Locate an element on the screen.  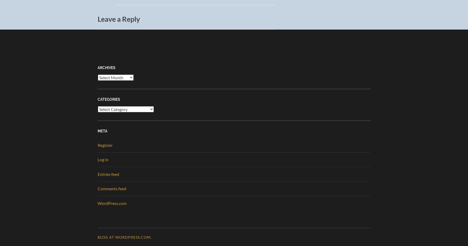
'Meta' is located at coordinates (102, 131).